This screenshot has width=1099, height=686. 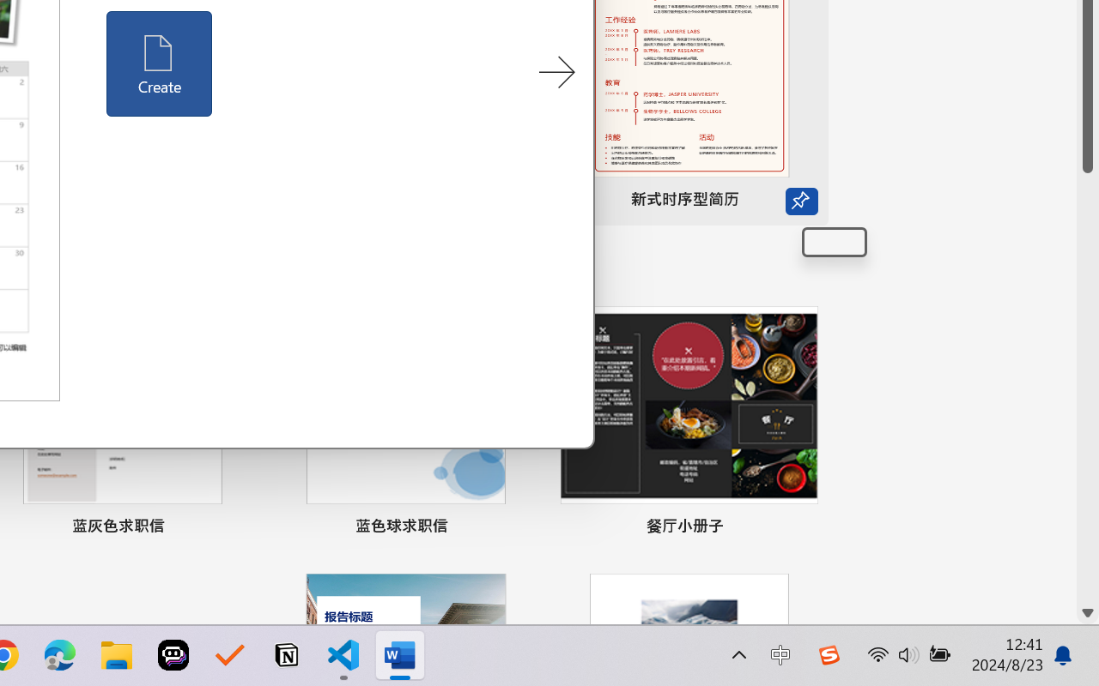 I want to click on 'Line down', so click(x=1087, y=612).